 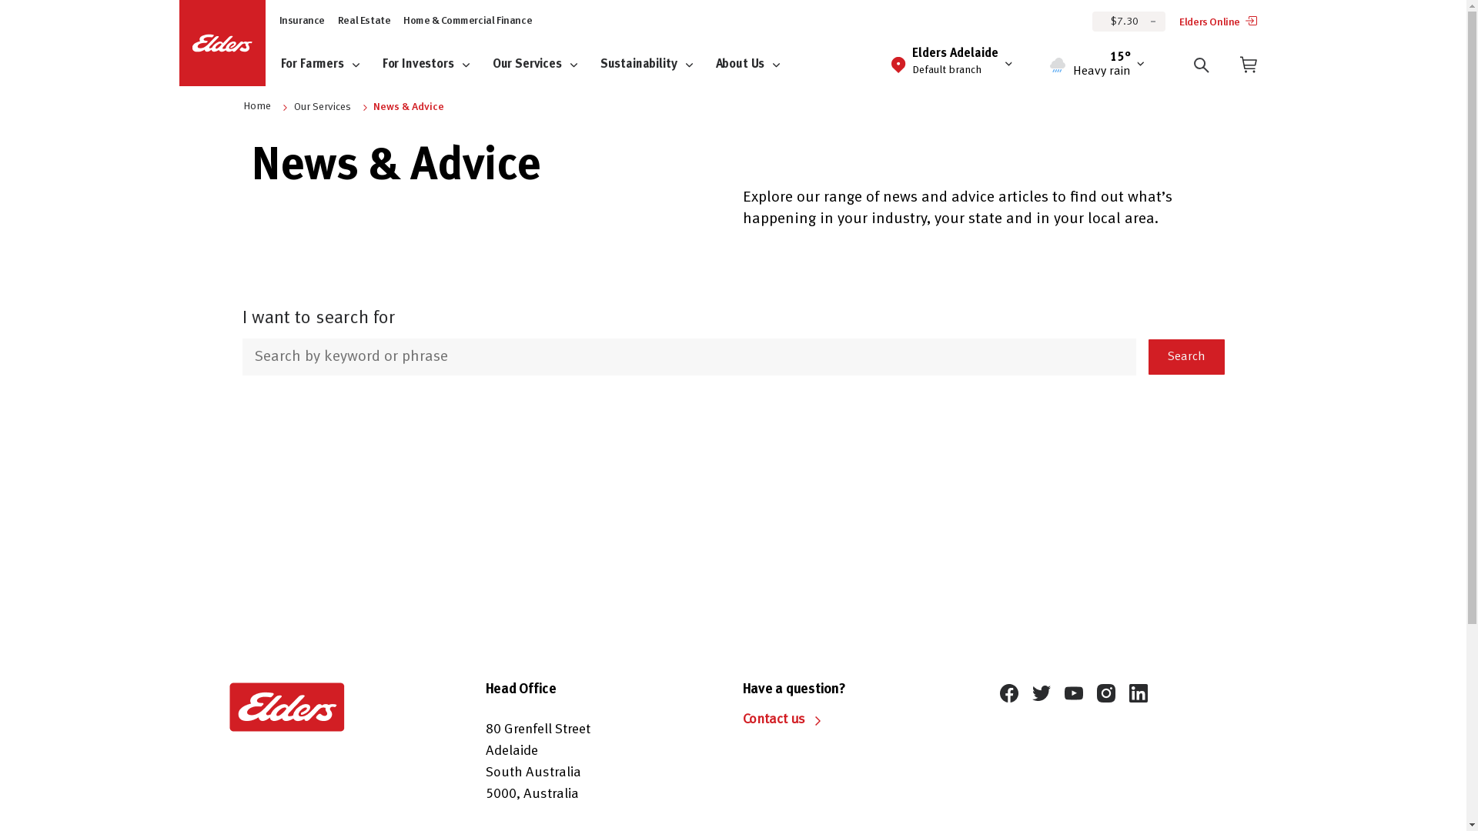 I want to click on 'Insurance', so click(x=277, y=21).